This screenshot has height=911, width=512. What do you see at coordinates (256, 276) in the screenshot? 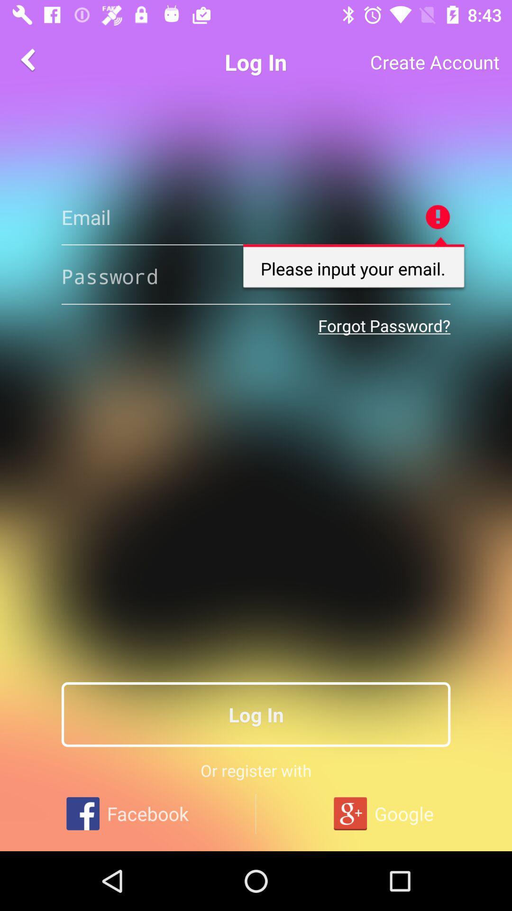
I see `password` at bounding box center [256, 276].